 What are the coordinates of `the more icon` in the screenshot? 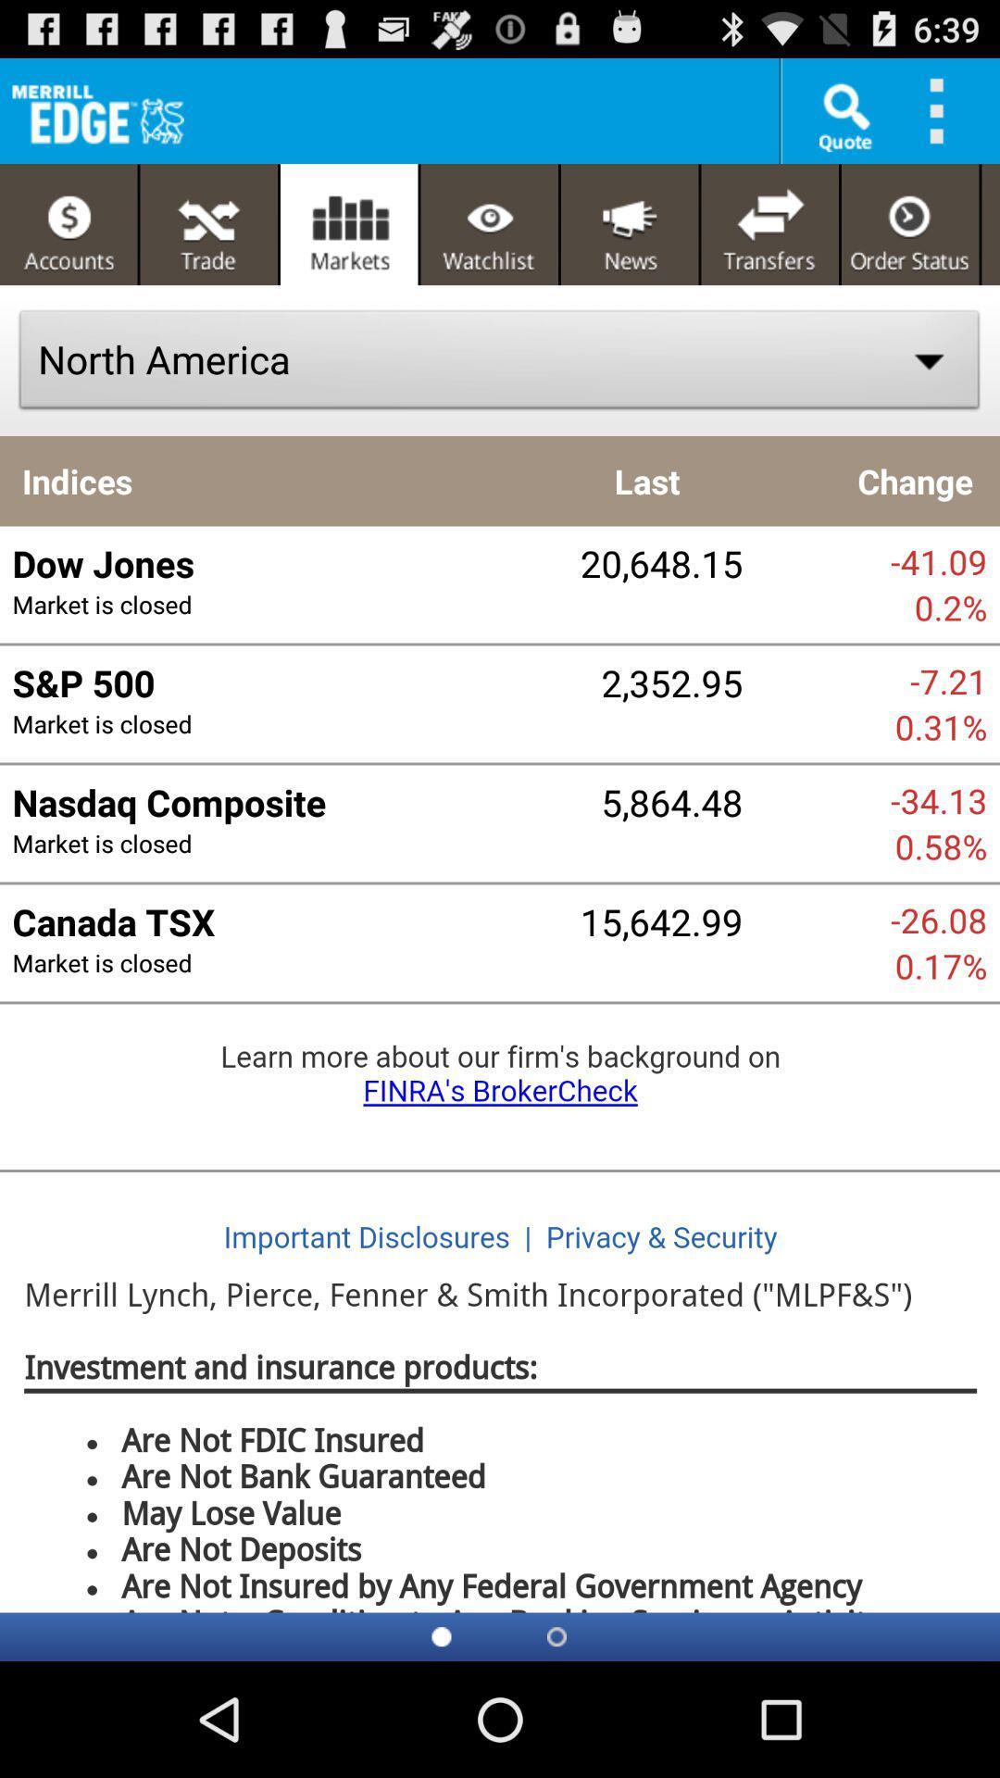 It's located at (943, 118).